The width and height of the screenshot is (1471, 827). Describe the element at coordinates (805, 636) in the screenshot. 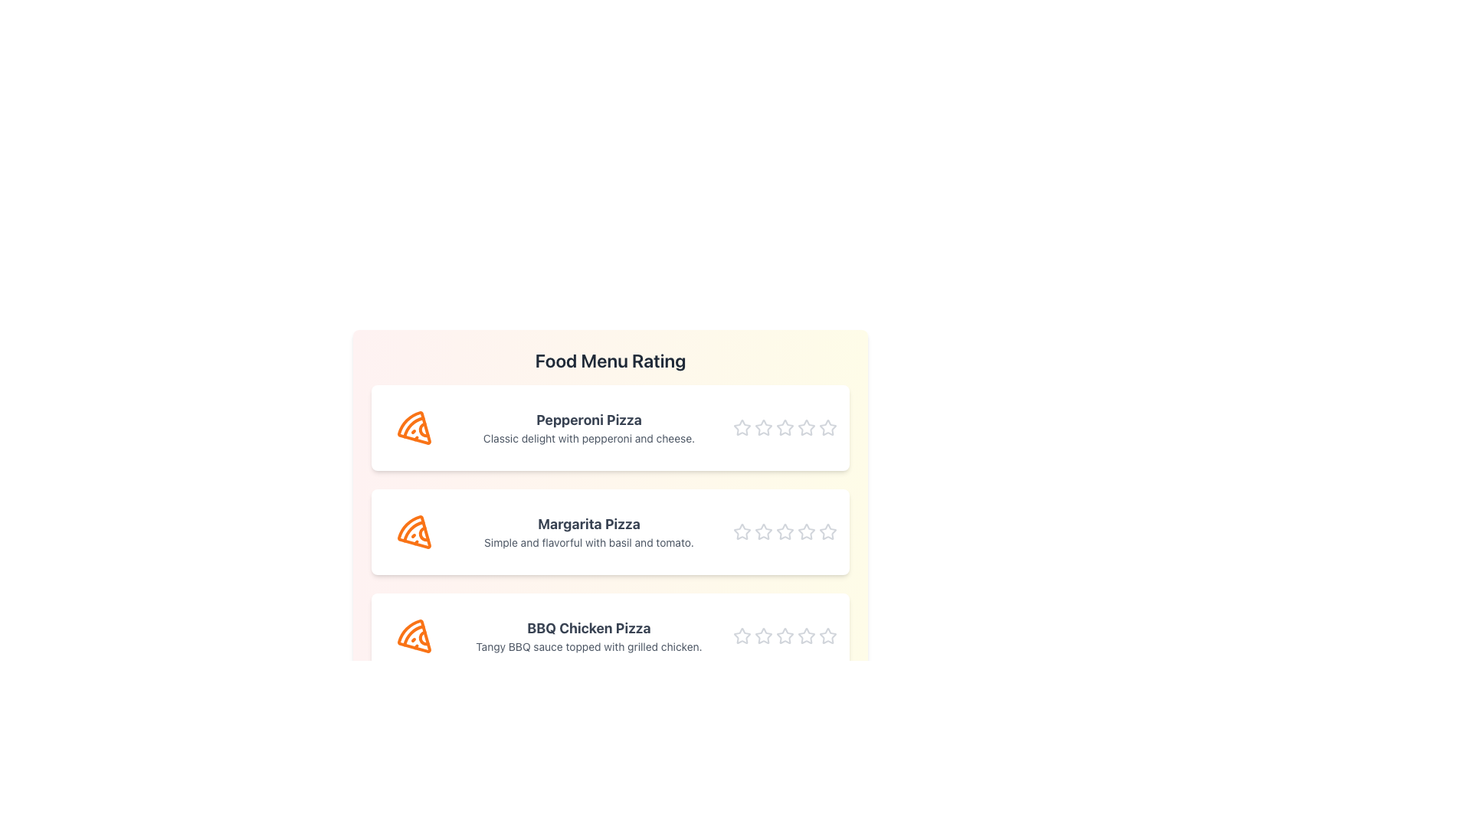

I see `the fourth star icon in the rating section for the 'BBQ Chicken Pizza' to assign a rating` at that location.